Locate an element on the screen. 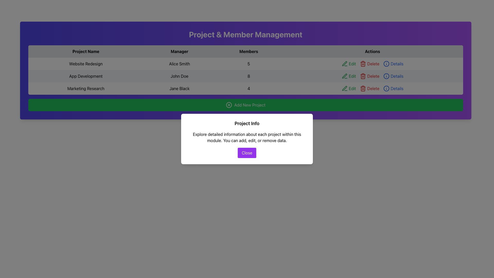 This screenshot has width=494, height=278. the trash can icon located in the 'Delete' button of the last row in the table to initiate a delete action is located at coordinates (363, 88).